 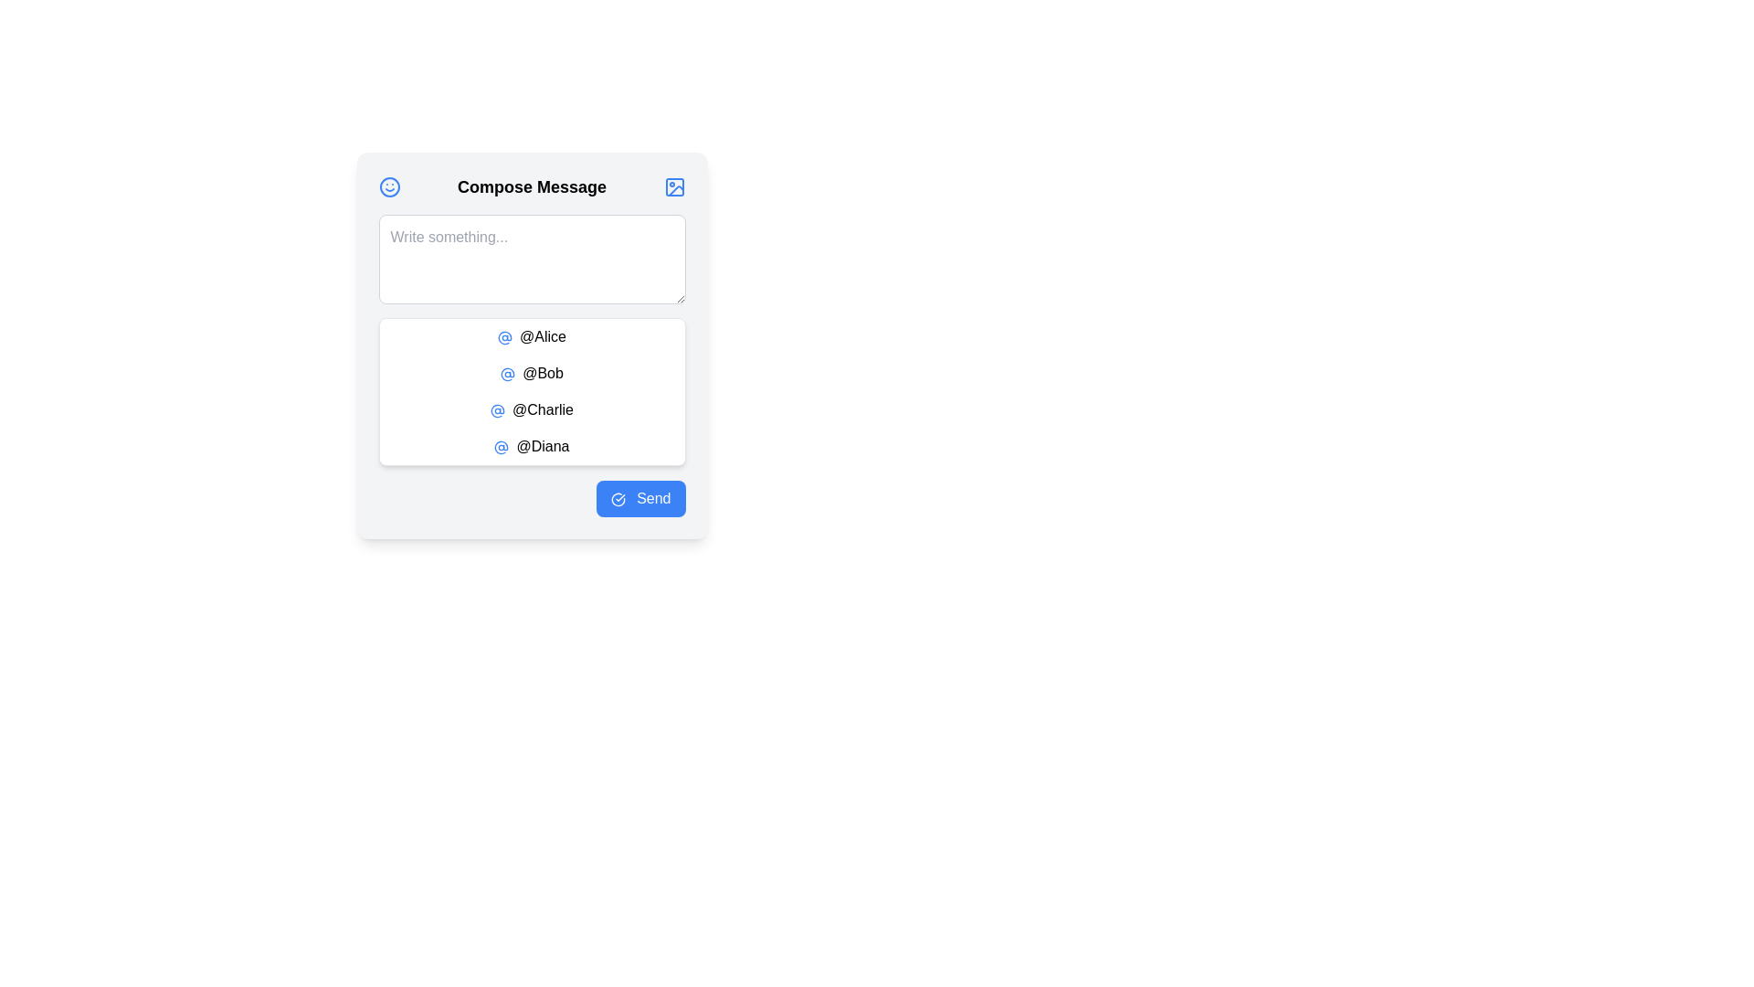 I want to click on the list item displaying the username '@Charlie', so click(x=531, y=409).